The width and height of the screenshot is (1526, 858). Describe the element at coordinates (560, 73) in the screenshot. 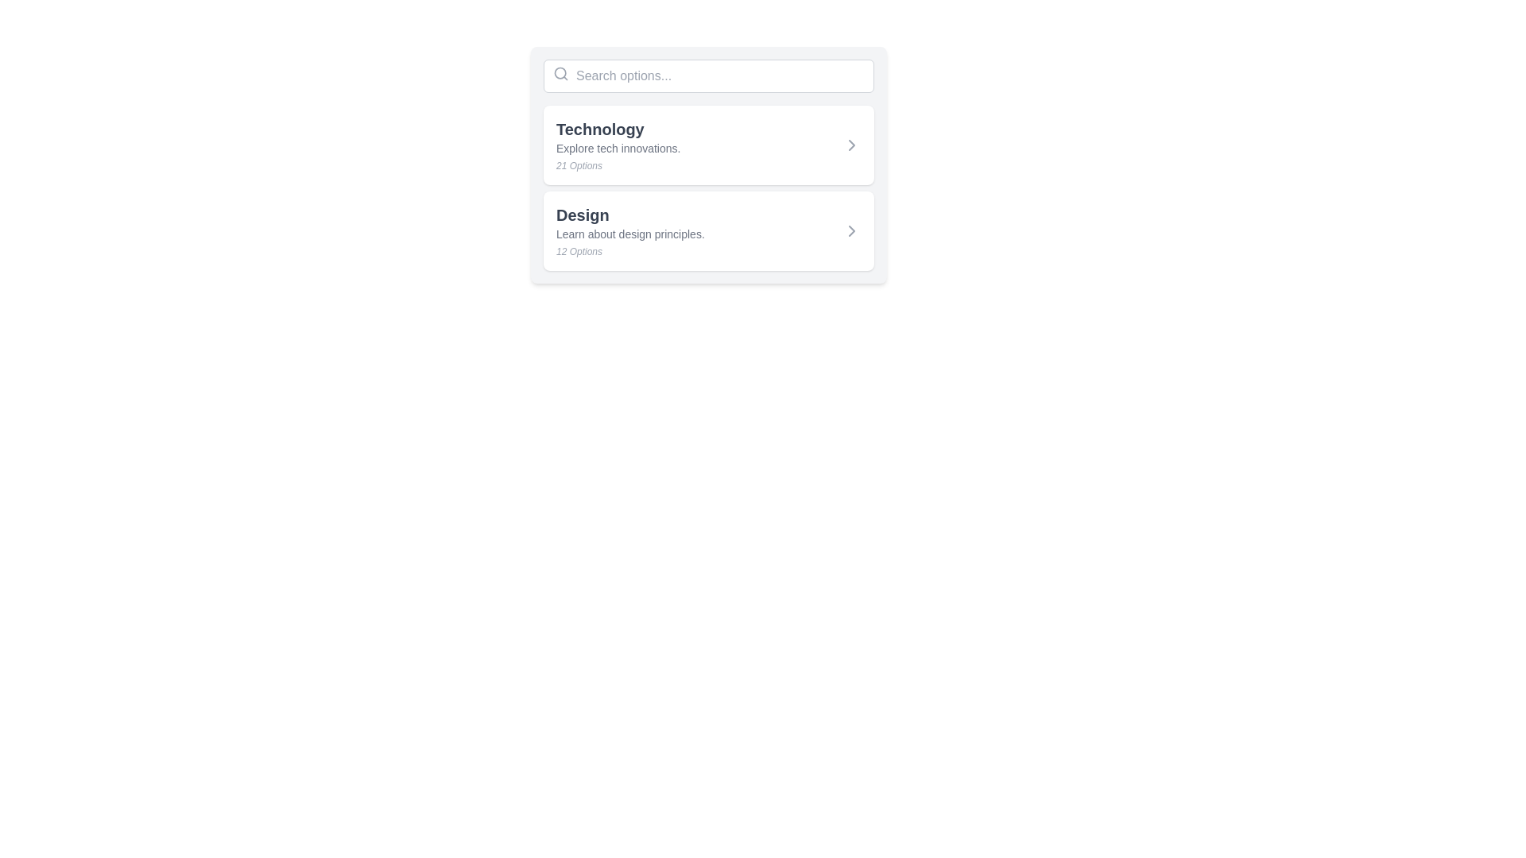

I see `the search icon, which is a gray magnifying glass with a circular outline, located within the left section of the search input box adjacent to the placeholder text 'Search options...'` at that location.